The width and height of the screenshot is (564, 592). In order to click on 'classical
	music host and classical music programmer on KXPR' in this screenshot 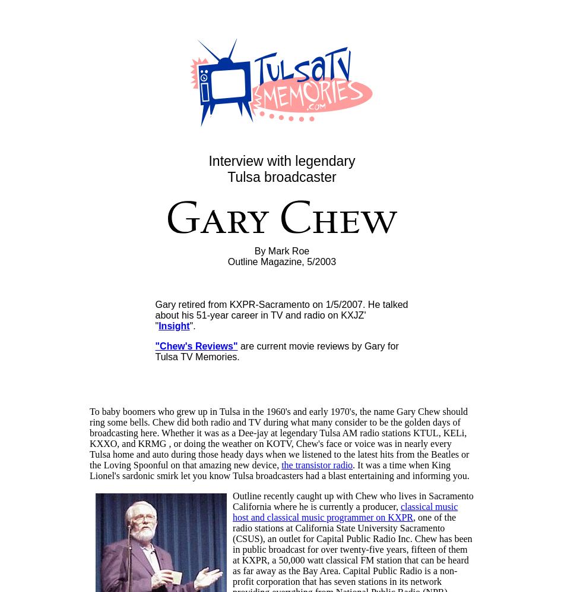, I will do `click(345, 512)`.